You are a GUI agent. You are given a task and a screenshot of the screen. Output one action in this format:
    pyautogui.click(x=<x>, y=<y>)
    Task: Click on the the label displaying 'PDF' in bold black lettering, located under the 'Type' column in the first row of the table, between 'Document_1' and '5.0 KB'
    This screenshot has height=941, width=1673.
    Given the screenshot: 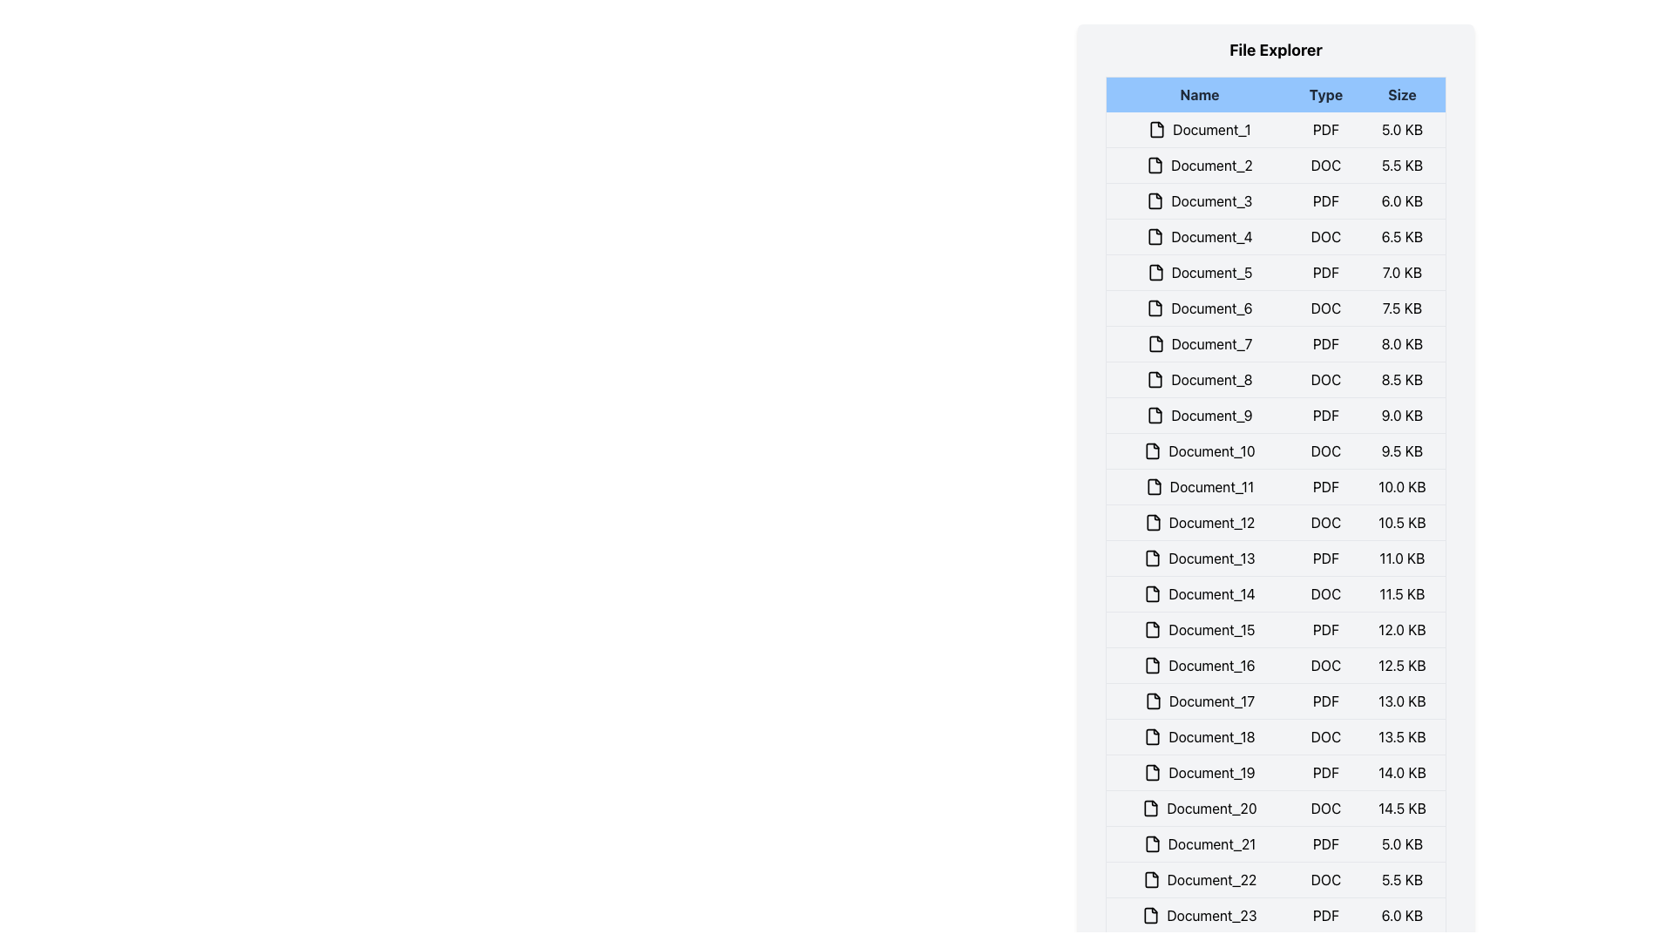 What is the action you would take?
    pyautogui.click(x=1324, y=129)
    